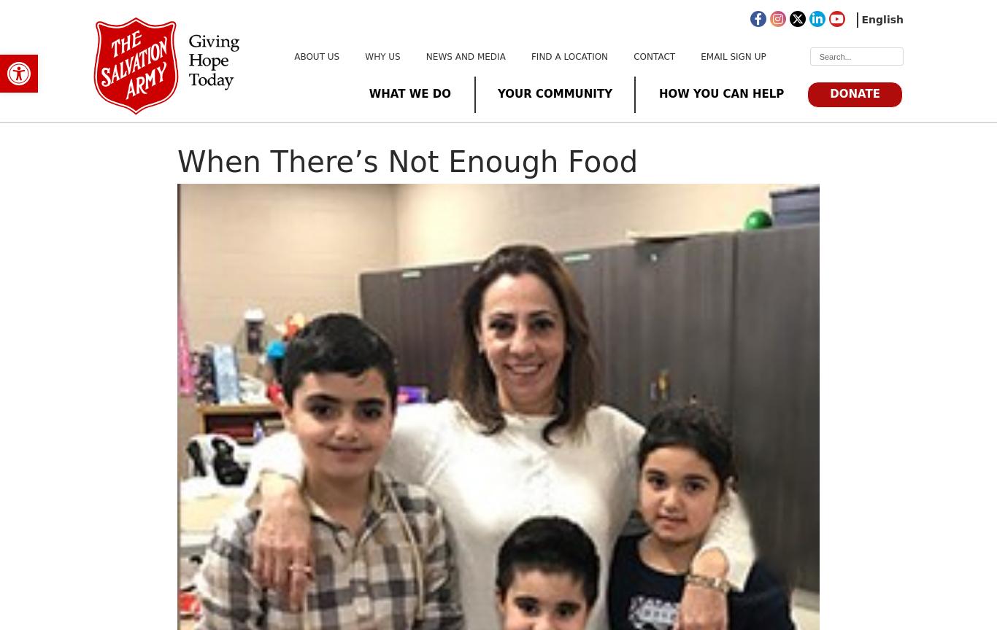 The height and width of the screenshot is (630, 997). What do you see at coordinates (177, 161) in the screenshot?
I see `'When There’s Not Enough Food'` at bounding box center [177, 161].